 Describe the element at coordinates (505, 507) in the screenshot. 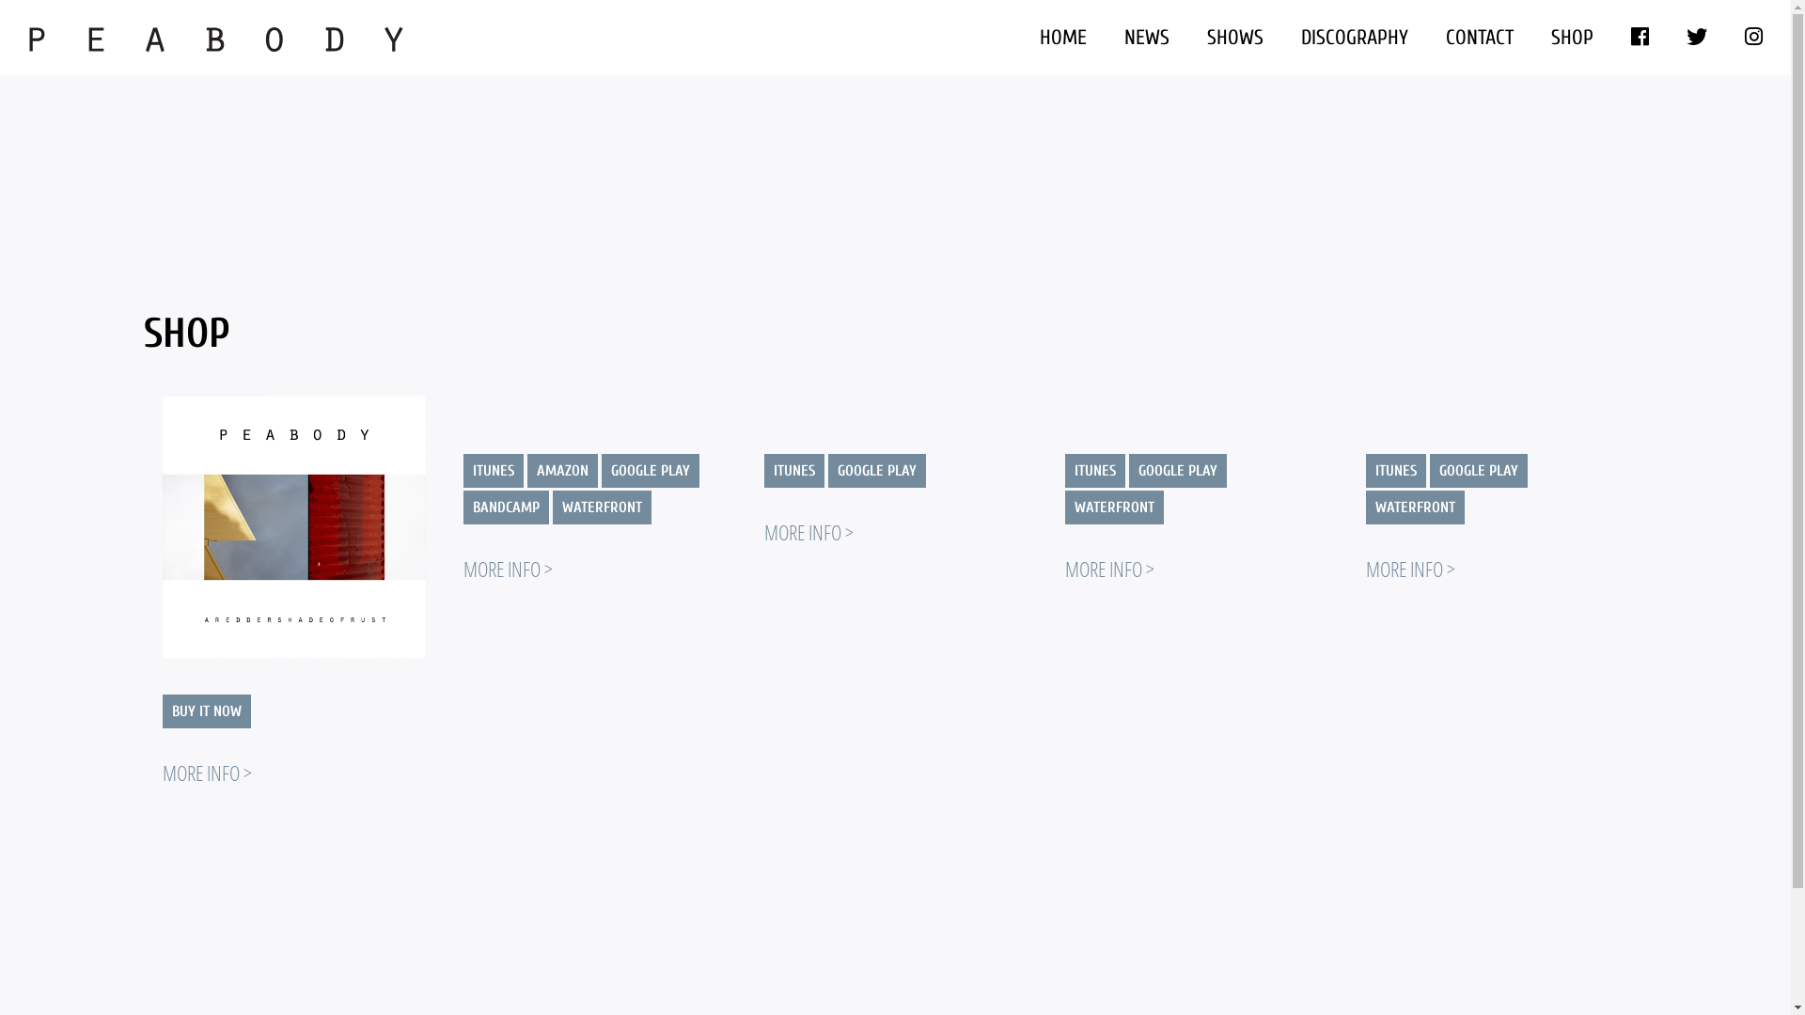

I see `'BANDCAMP'` at that location.